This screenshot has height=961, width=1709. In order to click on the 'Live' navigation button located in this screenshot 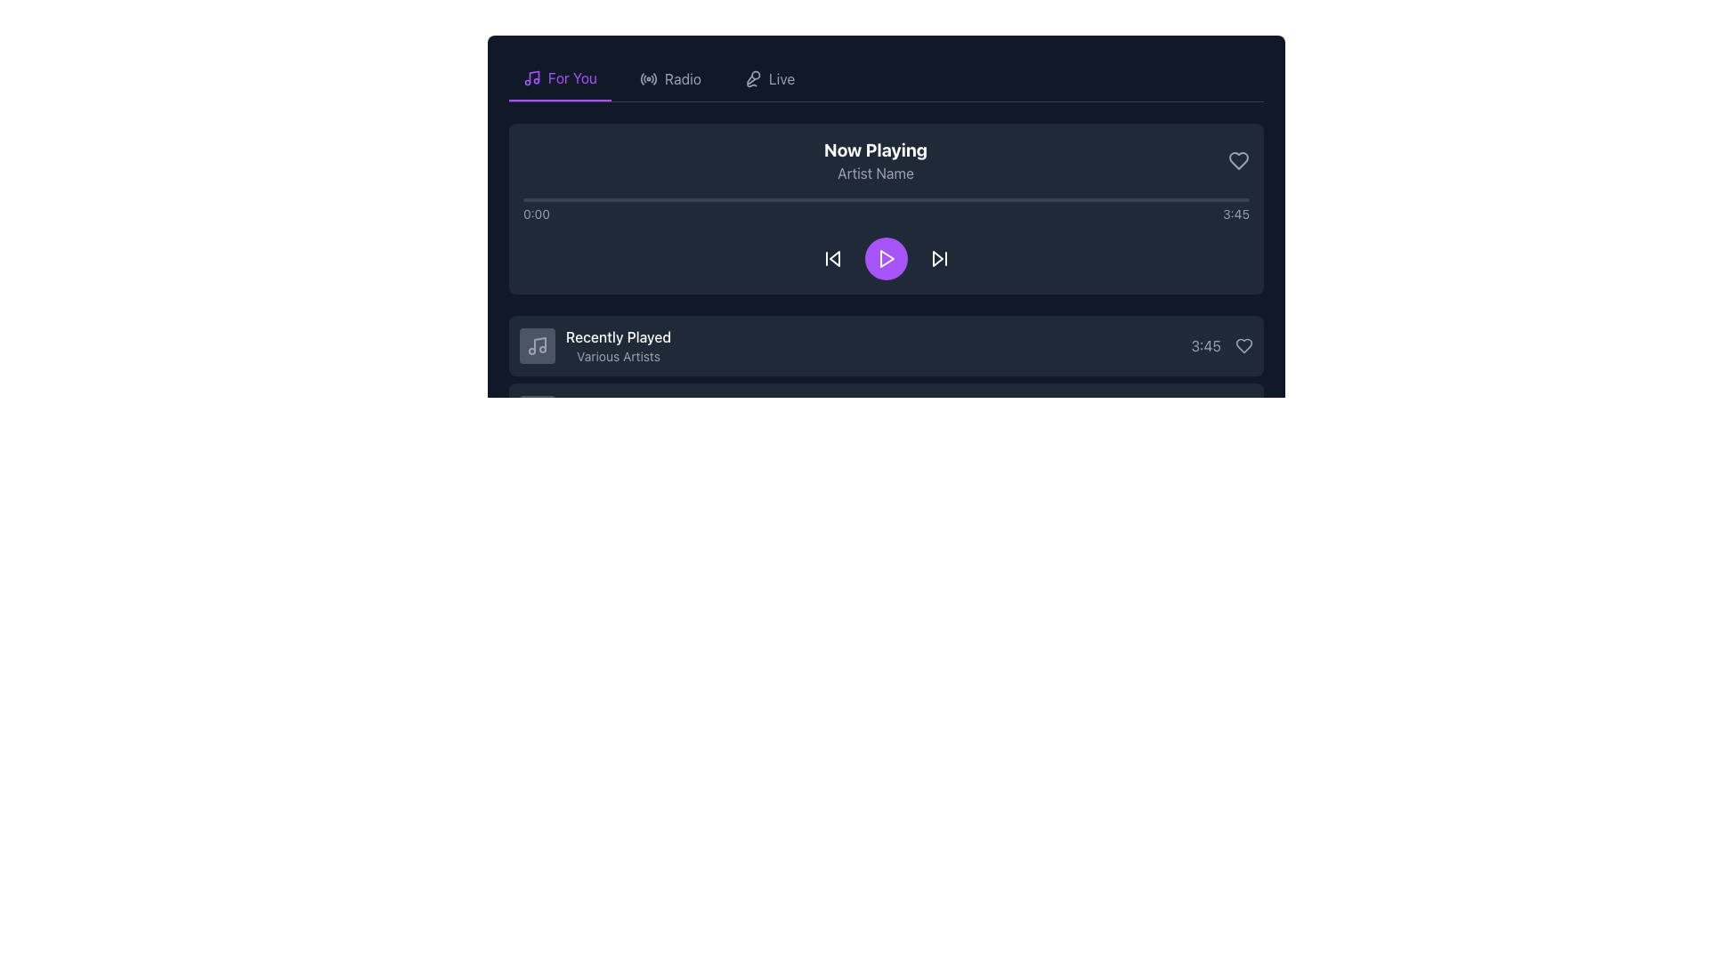, I will do `click(769, 77)`.